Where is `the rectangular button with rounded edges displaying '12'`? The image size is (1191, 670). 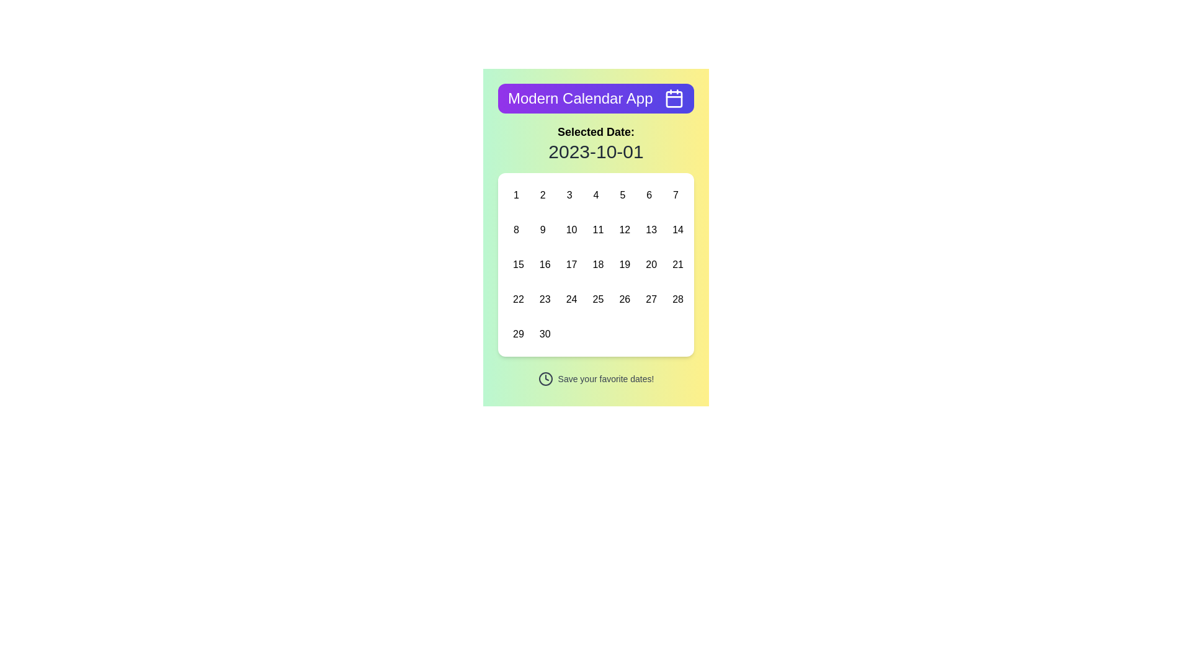 the rectangular button with rounded edges displaying '12' is located at coordinates (622, 230).